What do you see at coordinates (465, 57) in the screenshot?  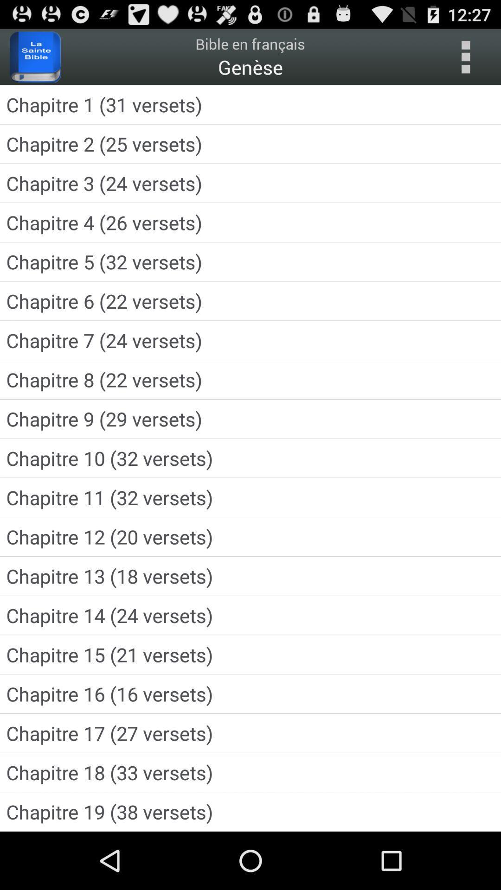 I see `see more` at bounding box center [465, 57].